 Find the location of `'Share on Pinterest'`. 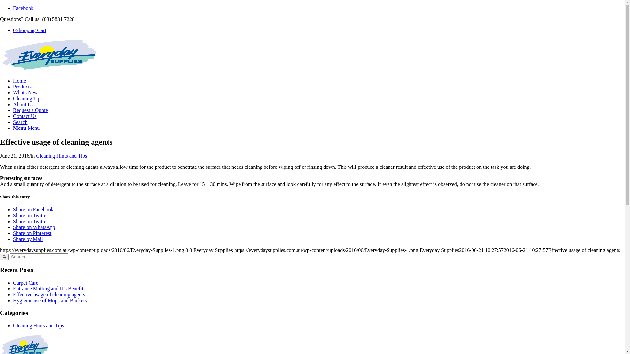

'Share on Pinterest' is located at coordinates (31, 233).